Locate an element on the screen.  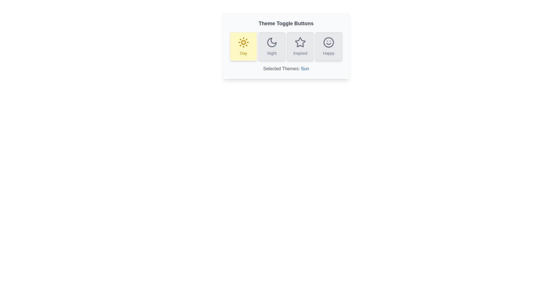
the square button labeled 'Day' with a sun icon is located at coordinates (244, 46).